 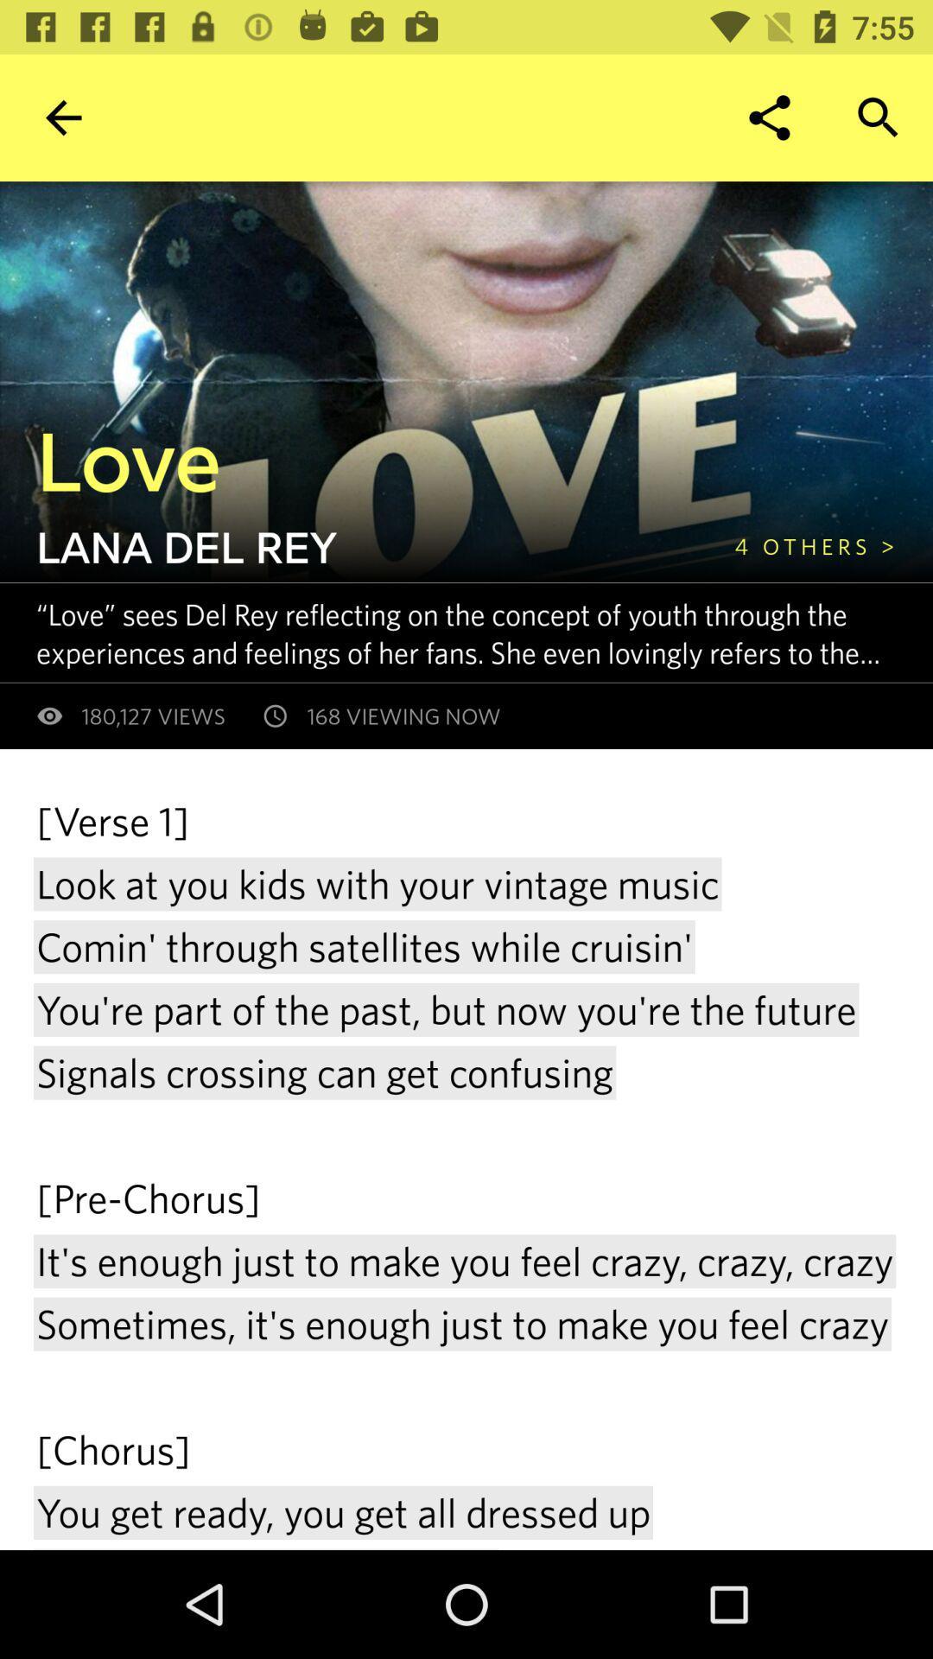 What do you see at coordinates (484, 632) in the screenshot?
I see `the love sees del item` at bounding box center [484, 632].